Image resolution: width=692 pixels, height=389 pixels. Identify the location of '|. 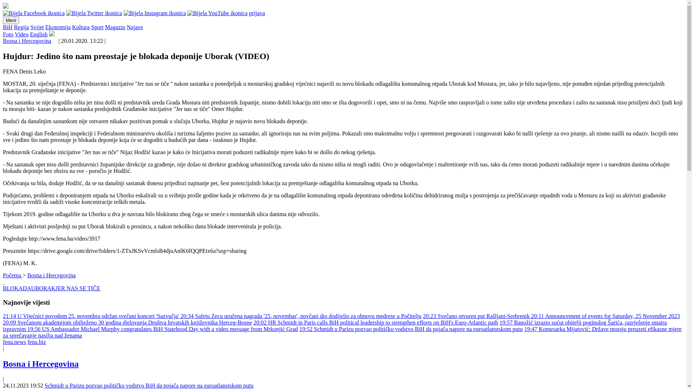
(3, 364).